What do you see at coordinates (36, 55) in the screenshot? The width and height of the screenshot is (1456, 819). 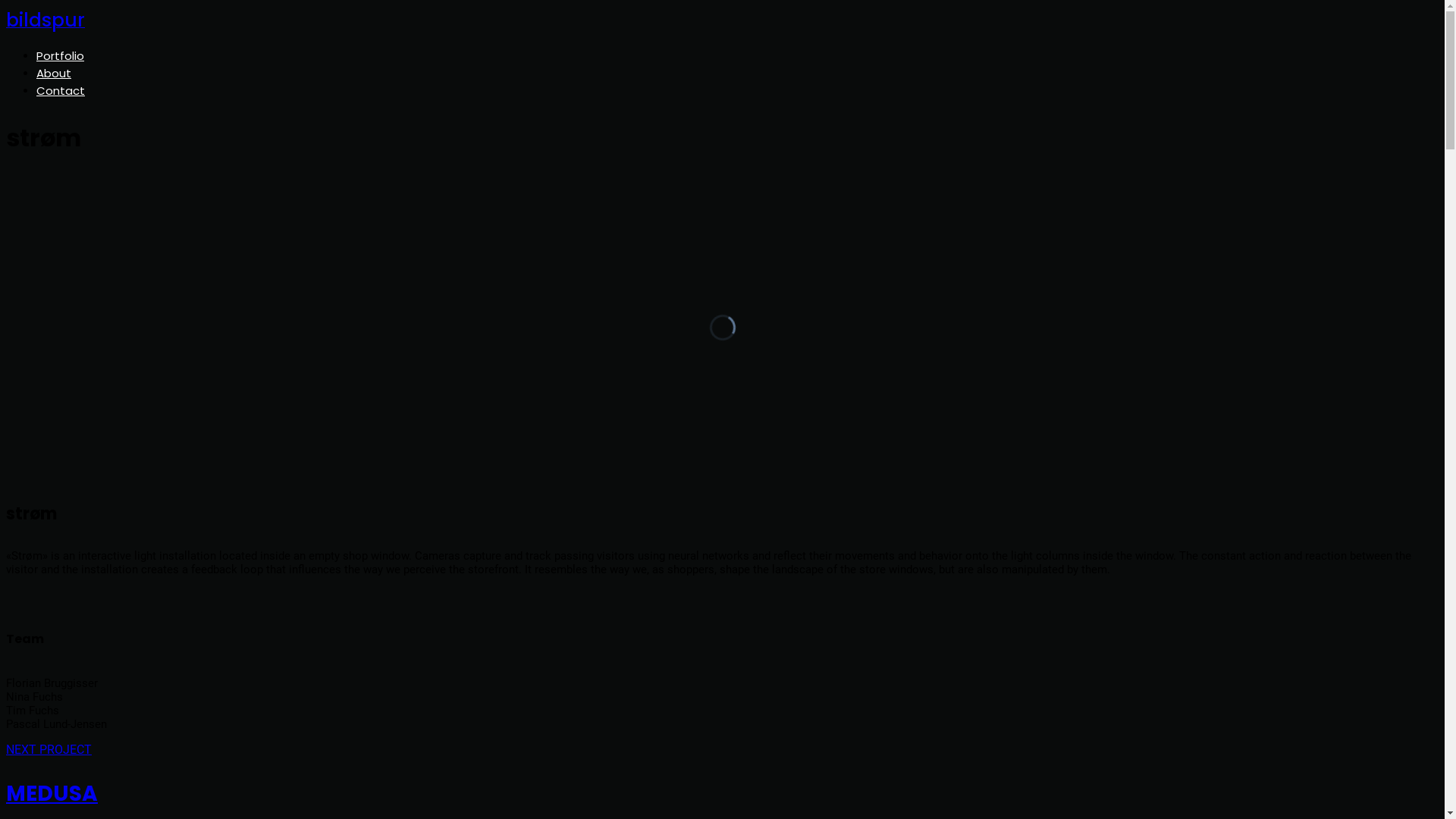 I see `'Portfolio'` at bounding box center [36, 55].